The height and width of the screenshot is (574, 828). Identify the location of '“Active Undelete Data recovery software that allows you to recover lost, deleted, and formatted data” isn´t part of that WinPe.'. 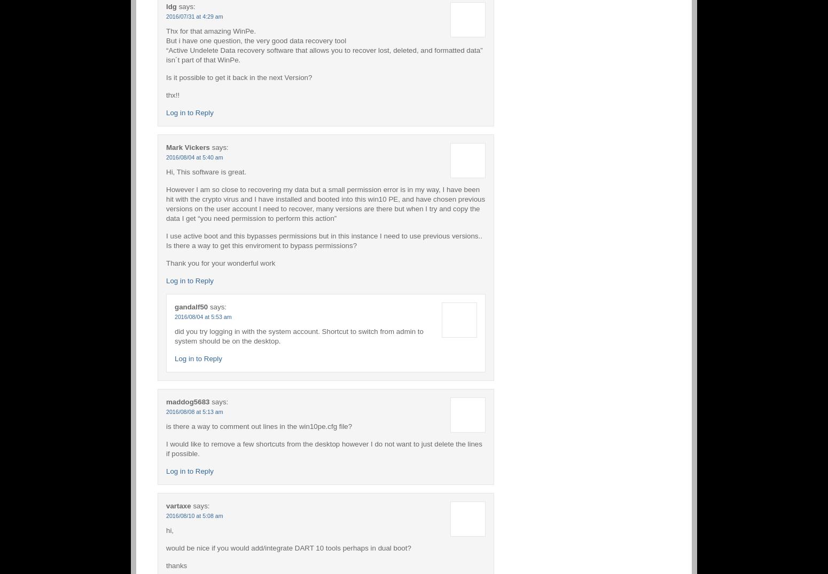
(324, 54).